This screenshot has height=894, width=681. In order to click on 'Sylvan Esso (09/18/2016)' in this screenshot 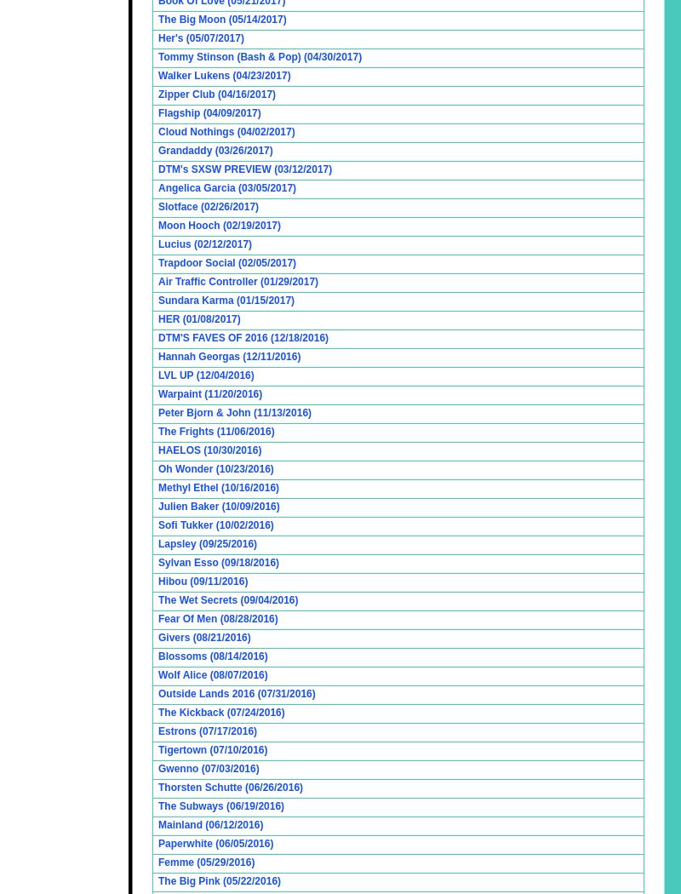, I will do `click(217, 561)`.